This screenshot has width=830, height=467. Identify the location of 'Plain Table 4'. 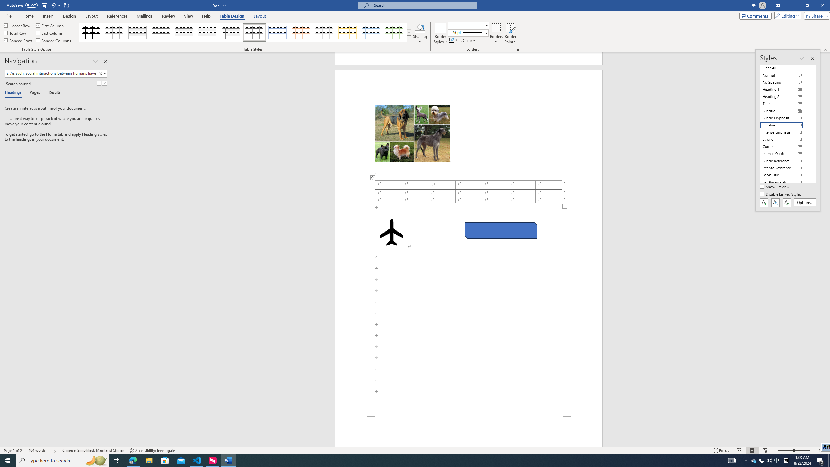
(207, 32).